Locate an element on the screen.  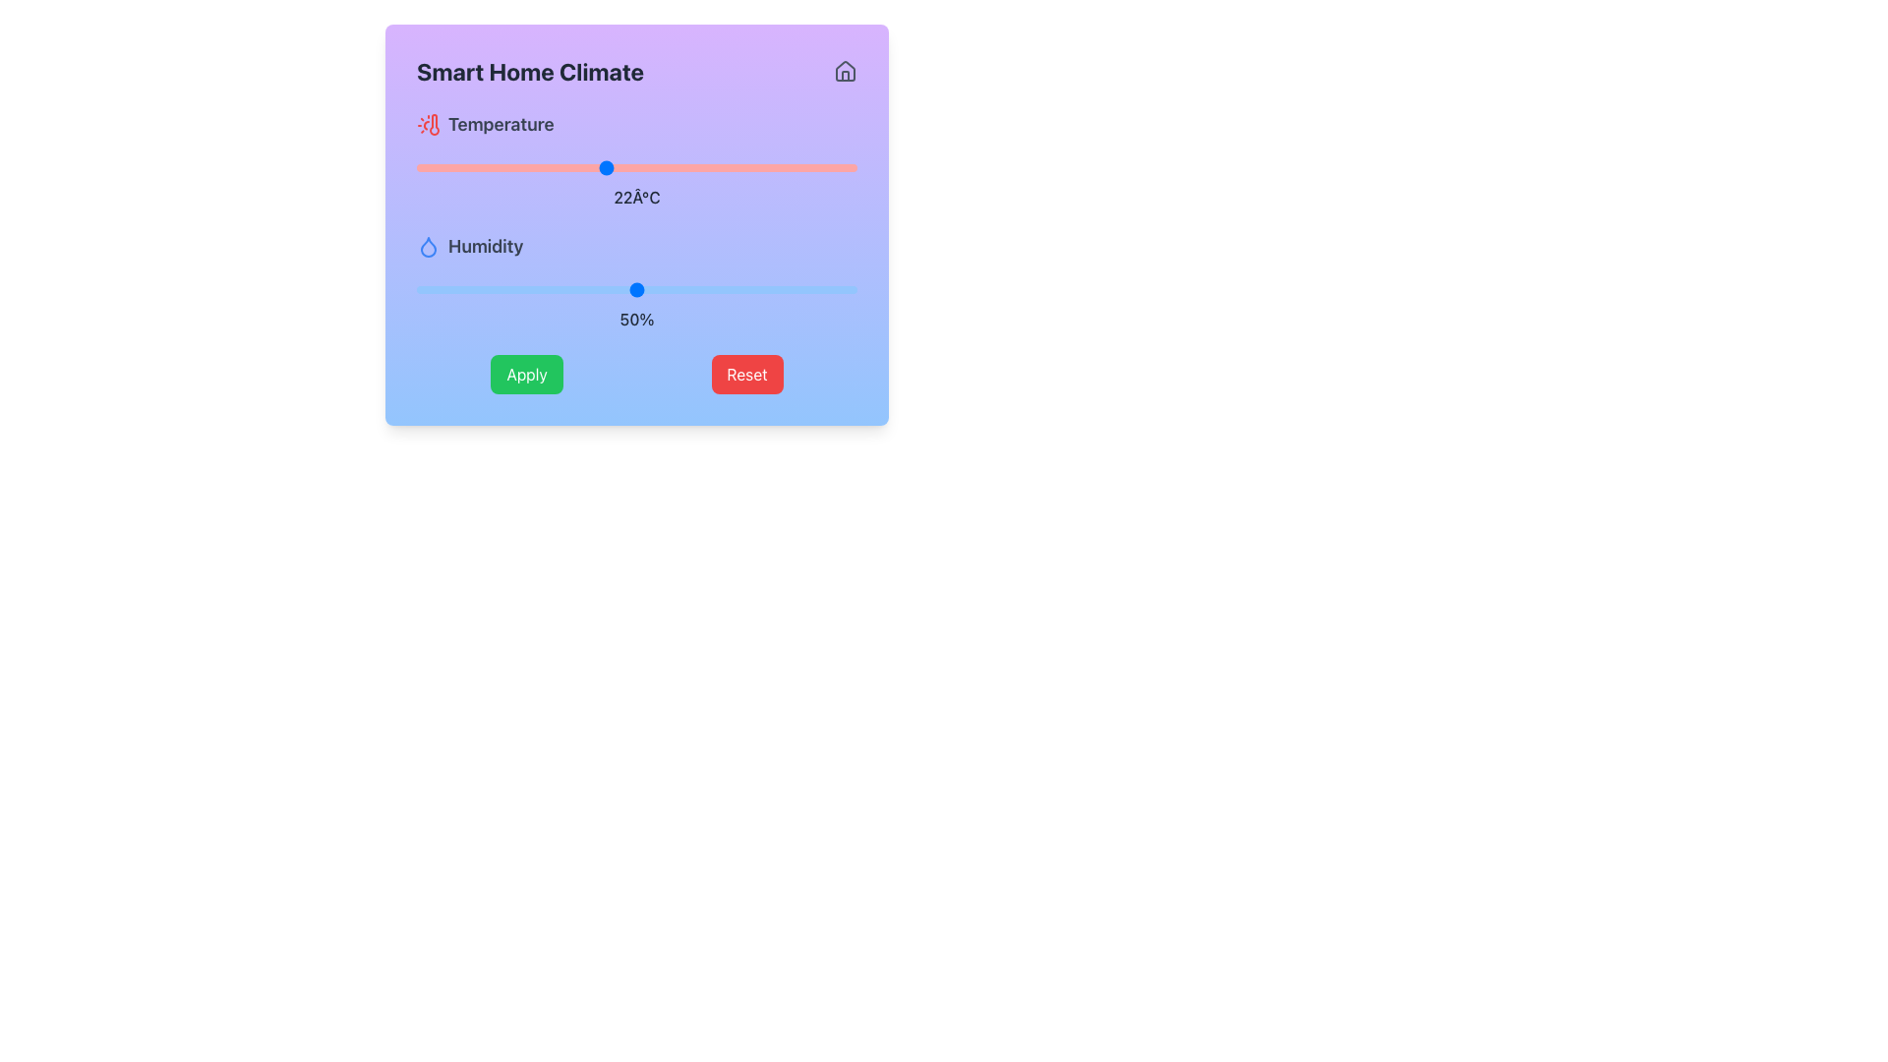
the text label displaying '50%' which is centered below the blue slider bar in the 'Humidity' section is located at coordinates (637, 318).